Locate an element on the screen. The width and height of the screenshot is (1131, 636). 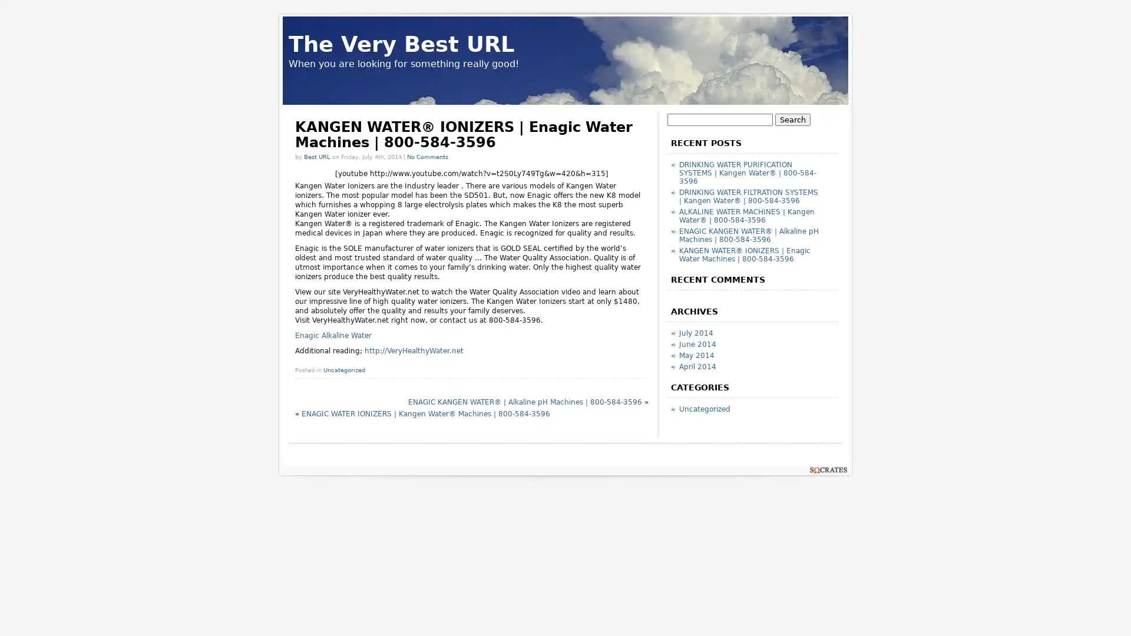
Search is located at coordinates (792, 120).